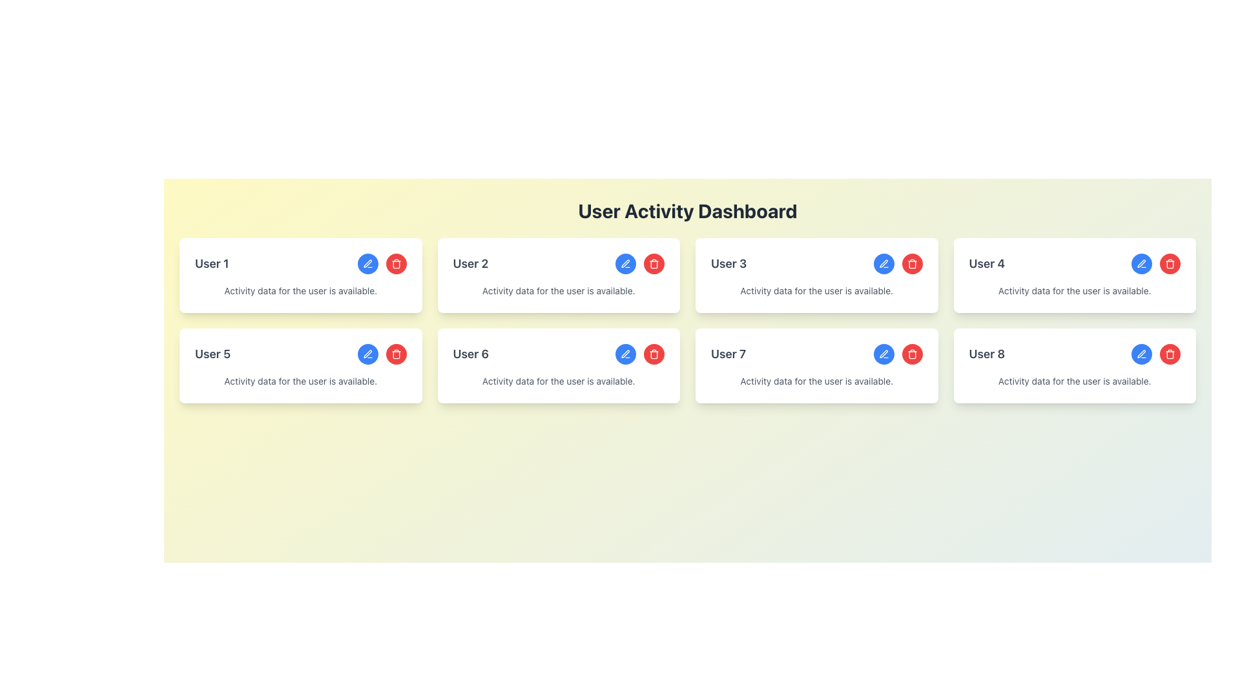 This screenshot has width=1240, height=697. What do you see at coordinates (728, 354) in the screenshot?
I see `the 'User 7' text label, which is styled in bold gray font and located in the first column of the second row in the user dashboard grid` at bounding box center [728, 354].